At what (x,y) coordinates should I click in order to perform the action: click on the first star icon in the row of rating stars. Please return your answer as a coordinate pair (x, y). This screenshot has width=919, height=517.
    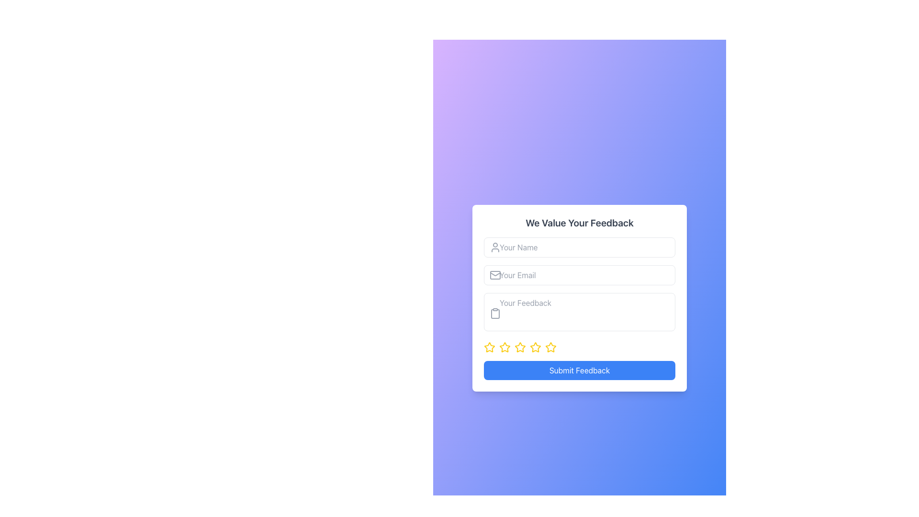
    Looking at the image, I should click on (489, 347).